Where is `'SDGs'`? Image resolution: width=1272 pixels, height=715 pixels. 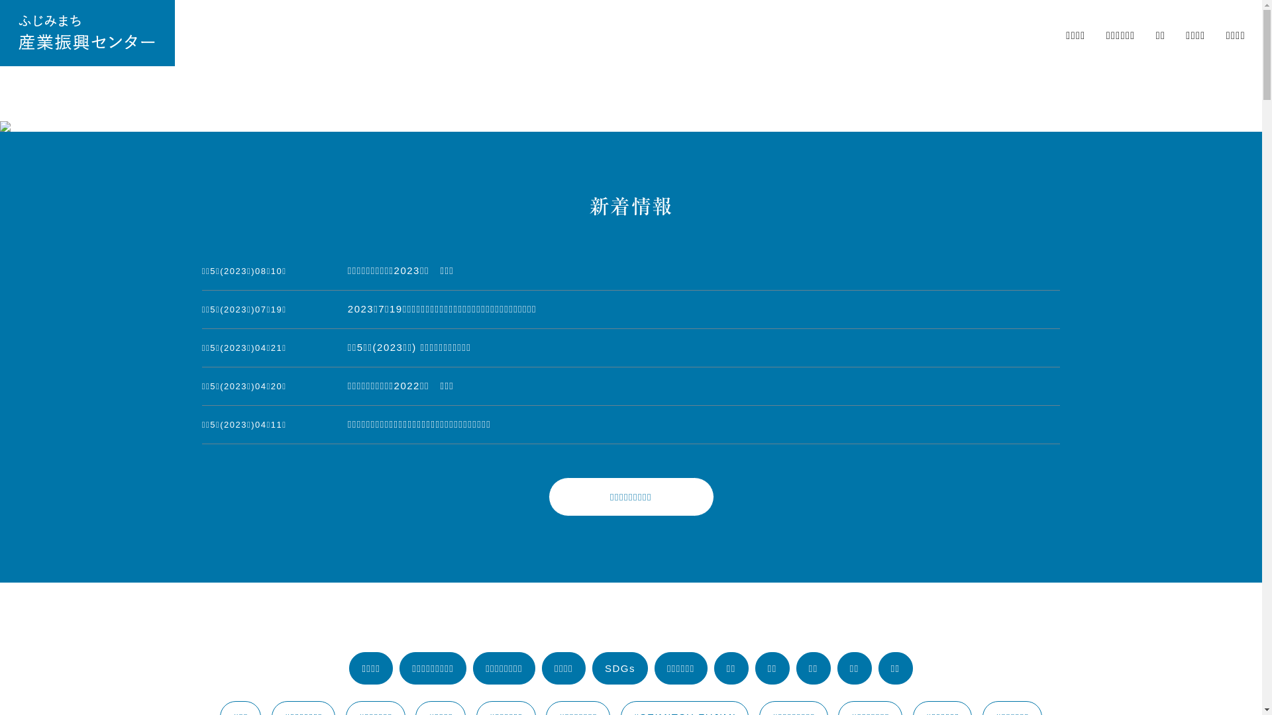
'SDGs' is located at coordinates (591, 668).